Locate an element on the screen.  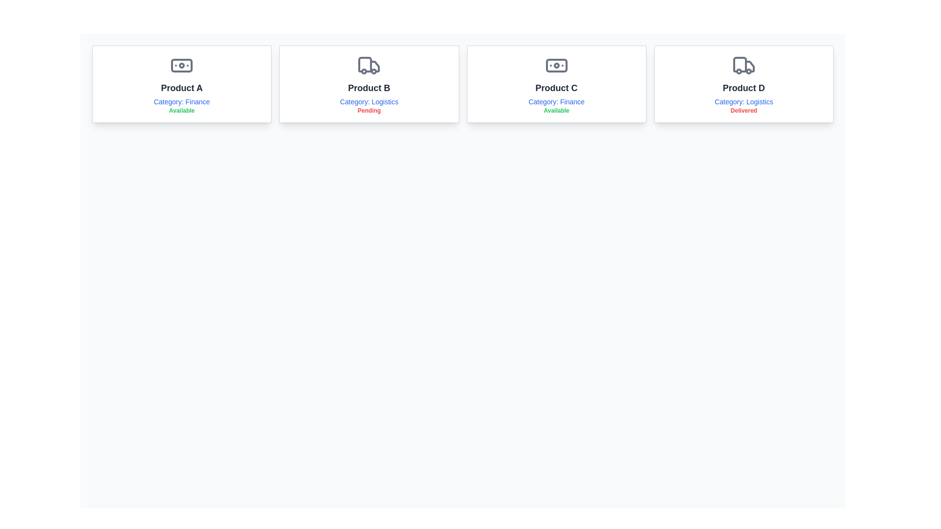
the 'Available' status text label located within the card for 'Product A', below the 'Category: Finance' label is located at coordinates (182, 110).